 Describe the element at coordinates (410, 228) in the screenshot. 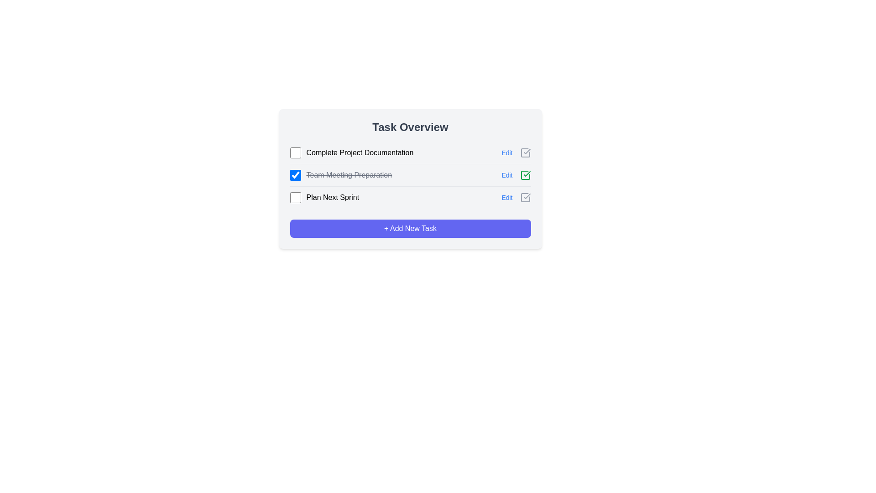

I see `'Add New Task' button` at that location.